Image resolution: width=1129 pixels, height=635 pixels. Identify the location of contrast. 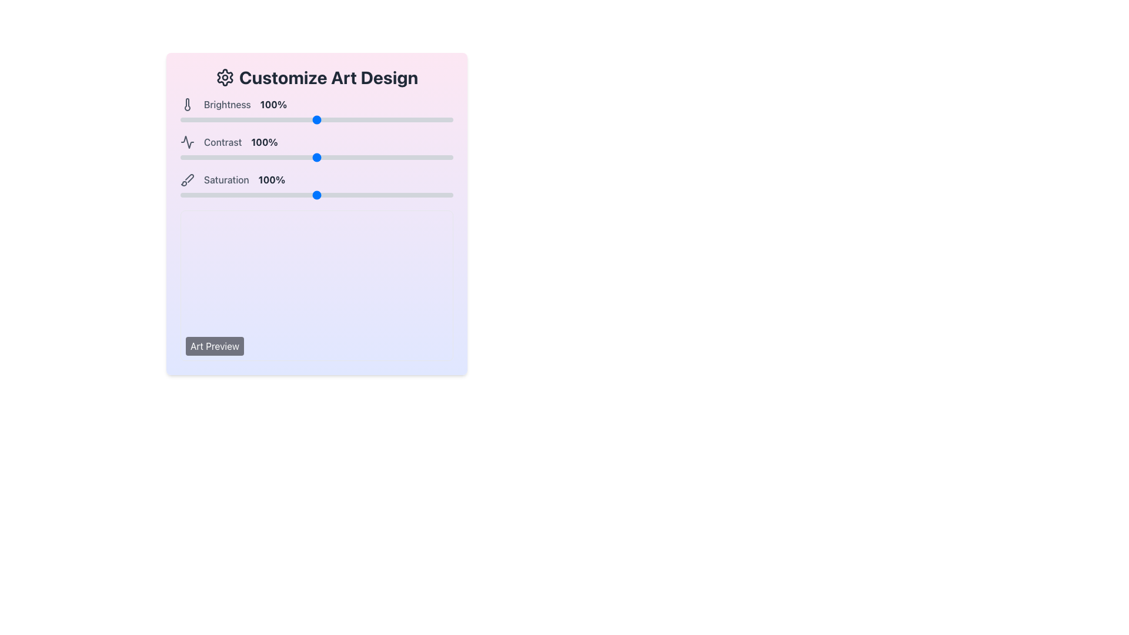
(439, 156).